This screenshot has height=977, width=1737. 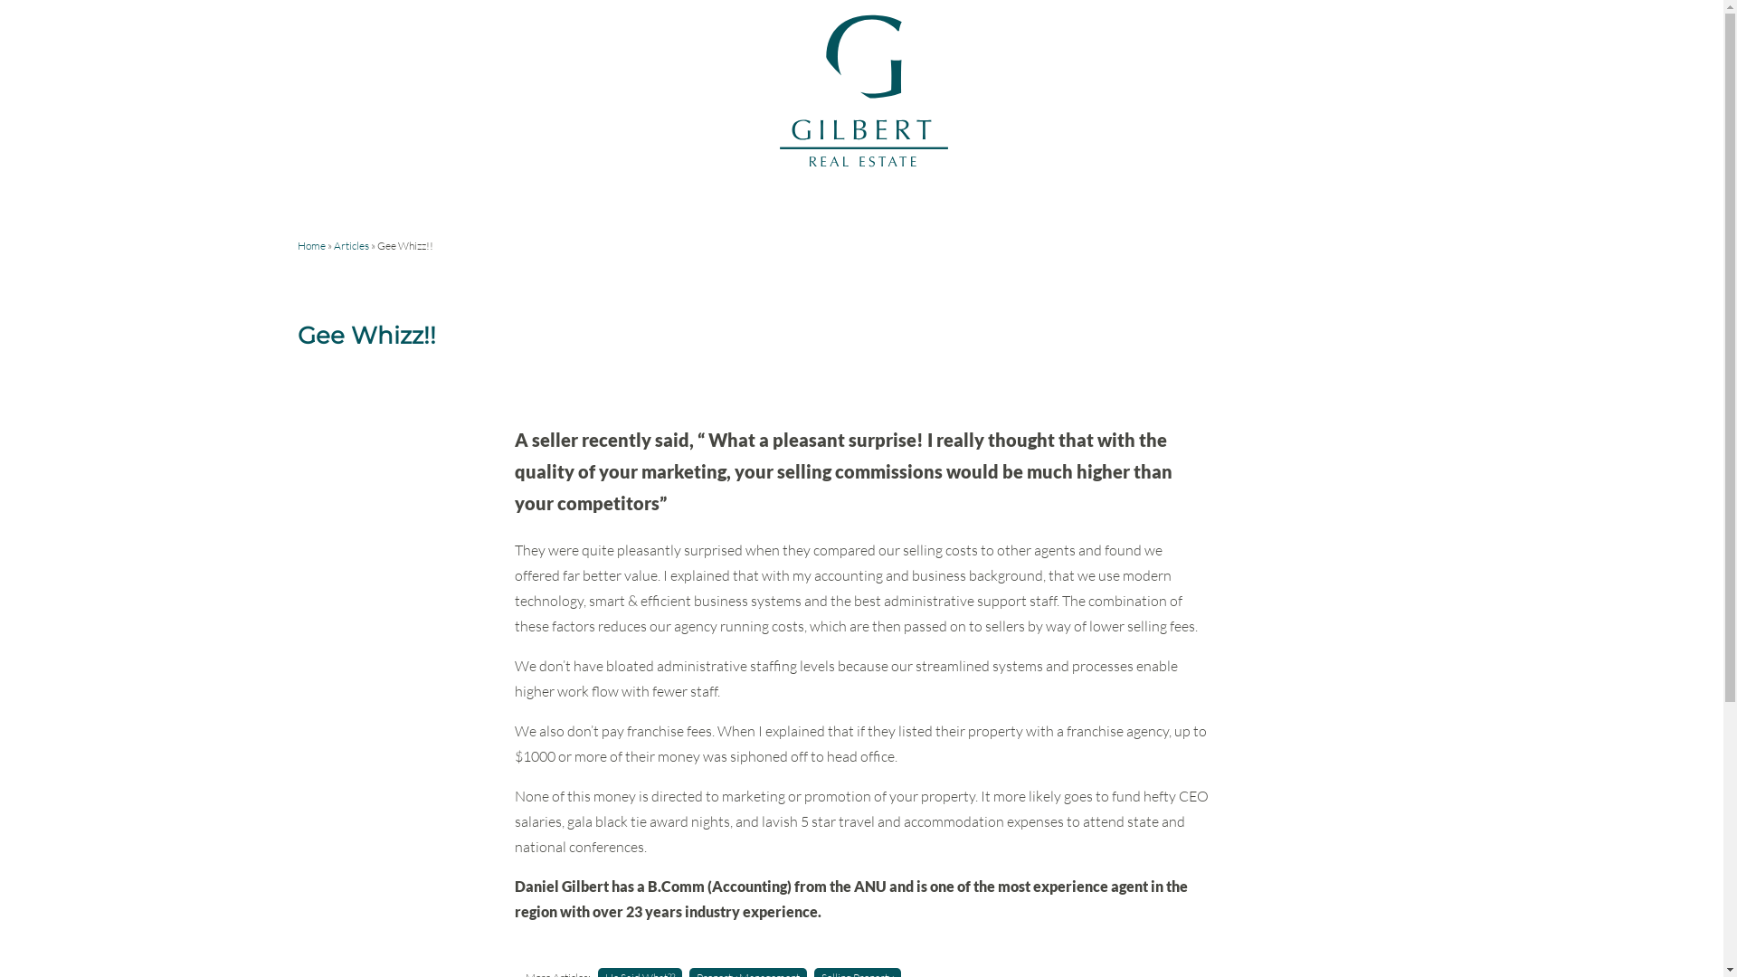 I want to click on 'Home', so click(x=310, y=245).